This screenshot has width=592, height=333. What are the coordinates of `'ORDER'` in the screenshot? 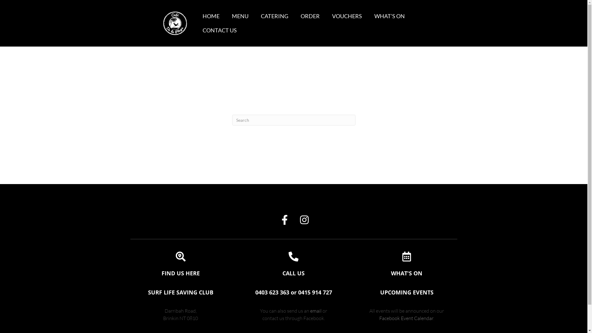 It's located at (310, 16).